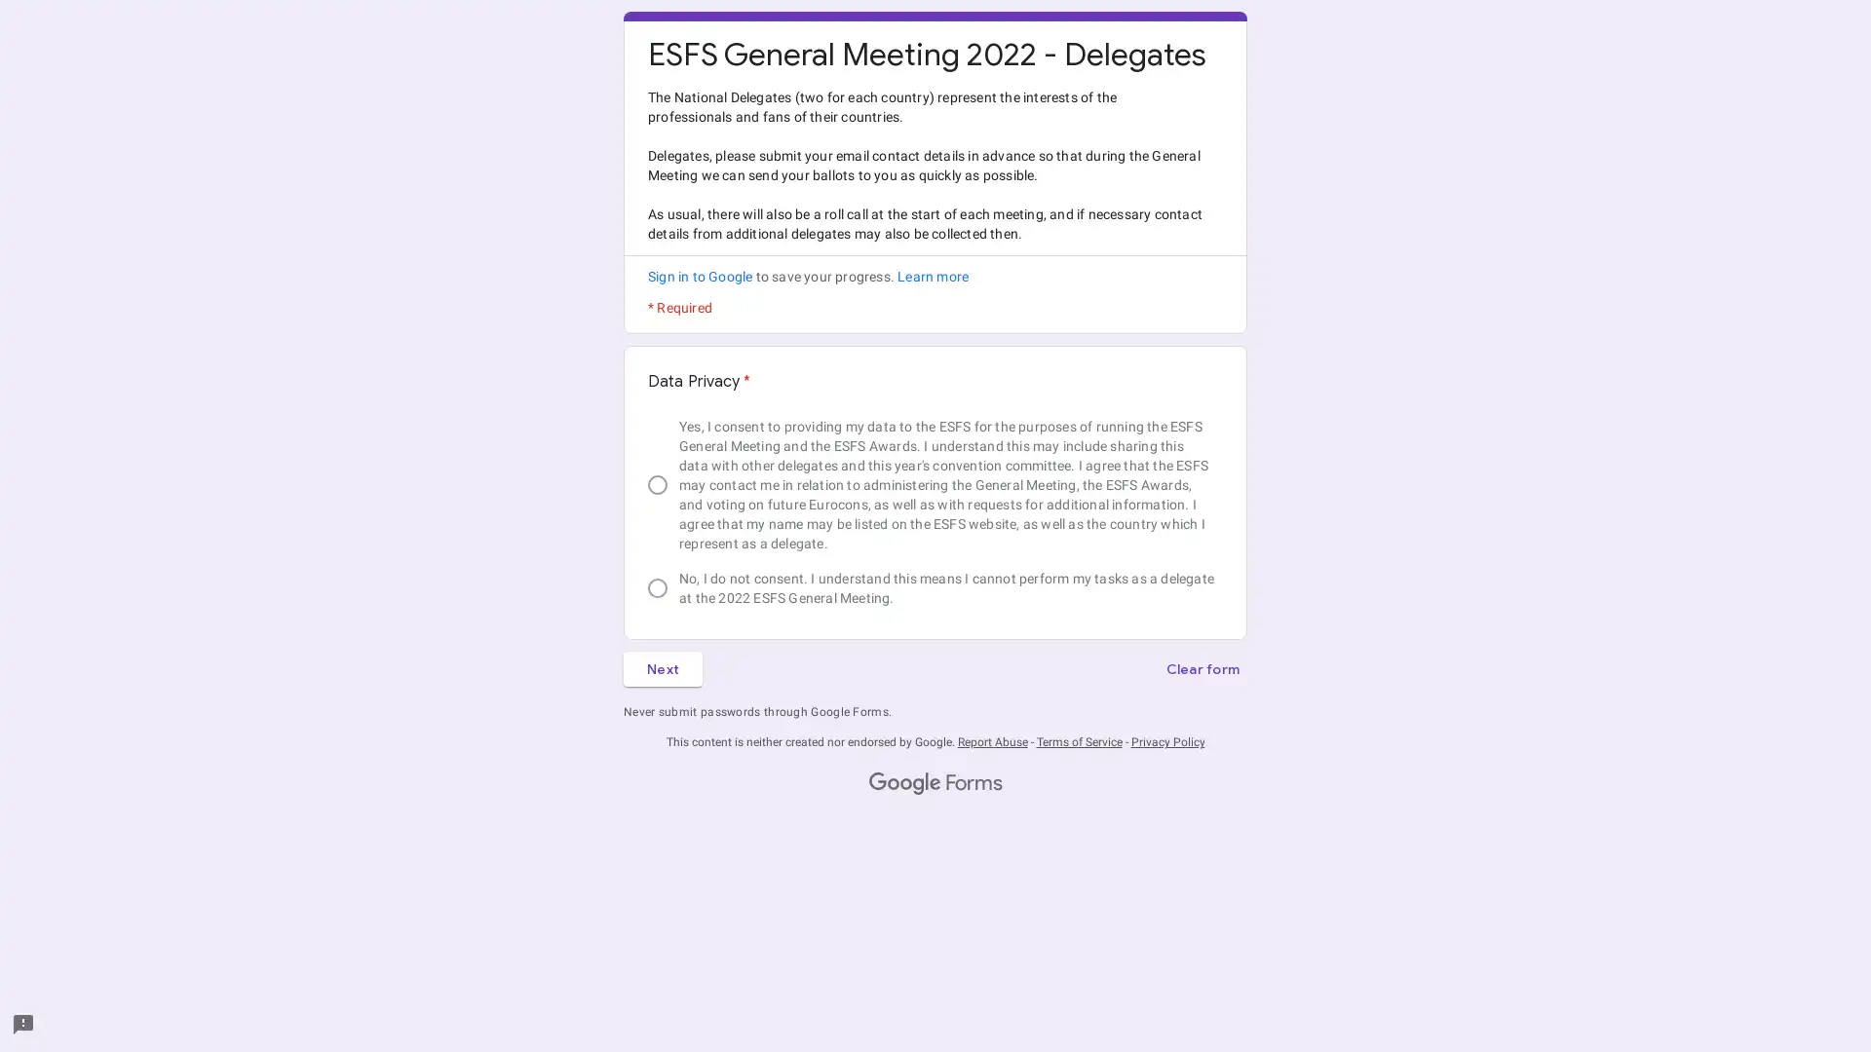 This screenshot has height=1052, width=1871. I want to click on Learn more, so click(932, 277).